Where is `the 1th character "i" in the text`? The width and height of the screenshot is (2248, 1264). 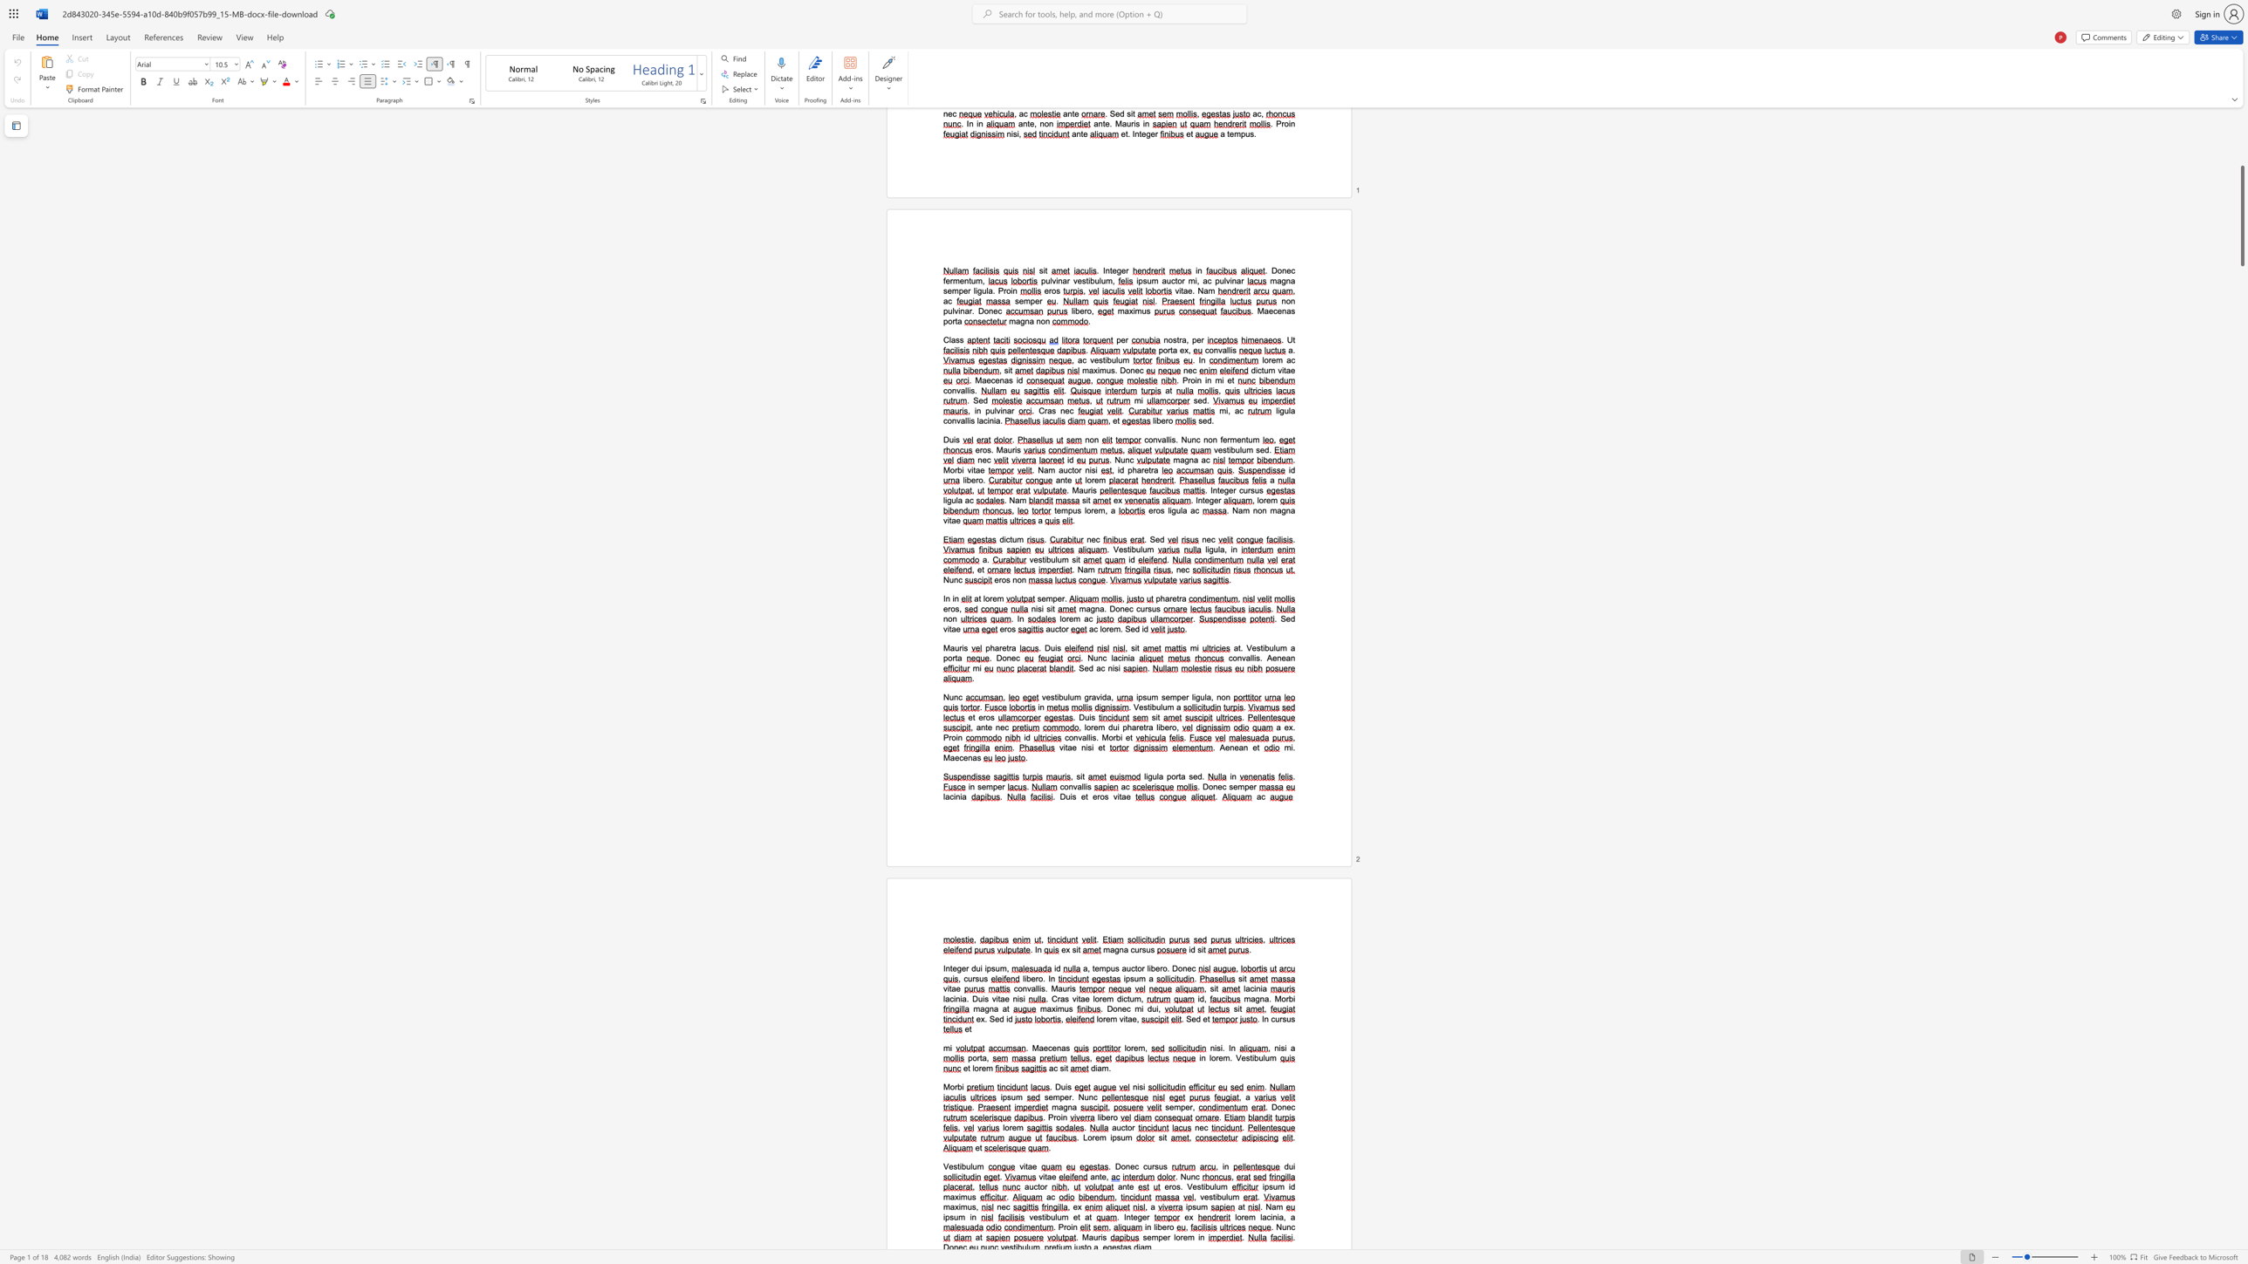 the 1th character "i" in the text is located at coordinates (1006, 1018).